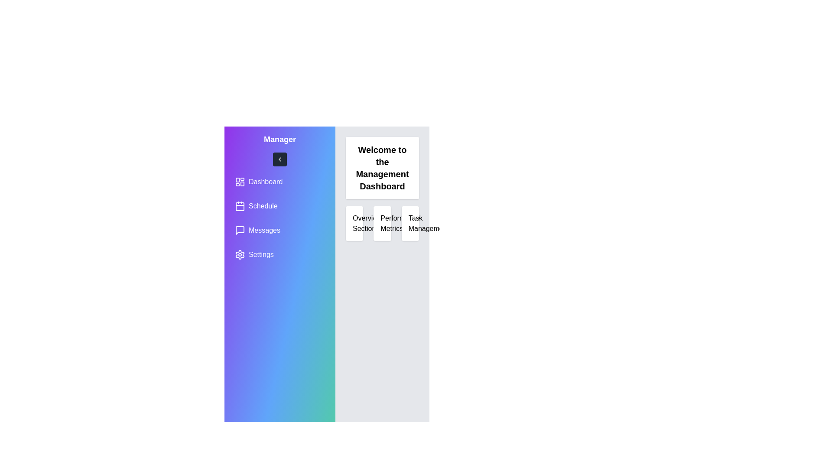 Image resolution: width=832 pixels, height=468 pixels. I want to click on the larger rectangular portion of the calendar icon in the sidebar navigation menu, which is part of the SVG icon under the 'Schedule' label, so click(240, 207).